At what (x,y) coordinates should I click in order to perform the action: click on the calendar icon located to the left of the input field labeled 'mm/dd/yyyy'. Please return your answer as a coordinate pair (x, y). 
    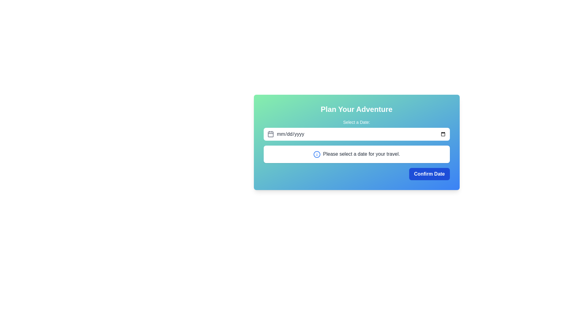
    Looking at the image, I should click on (270, 134).